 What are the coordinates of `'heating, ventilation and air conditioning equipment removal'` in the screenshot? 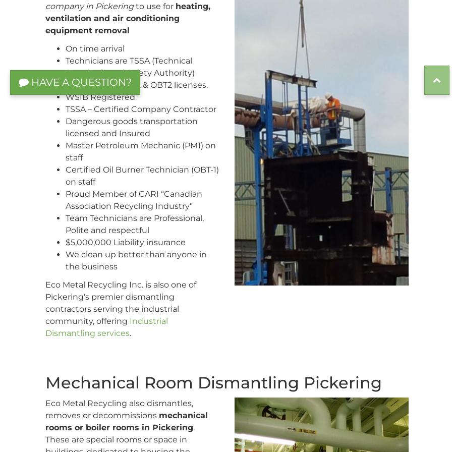 It's located at (45, 18).